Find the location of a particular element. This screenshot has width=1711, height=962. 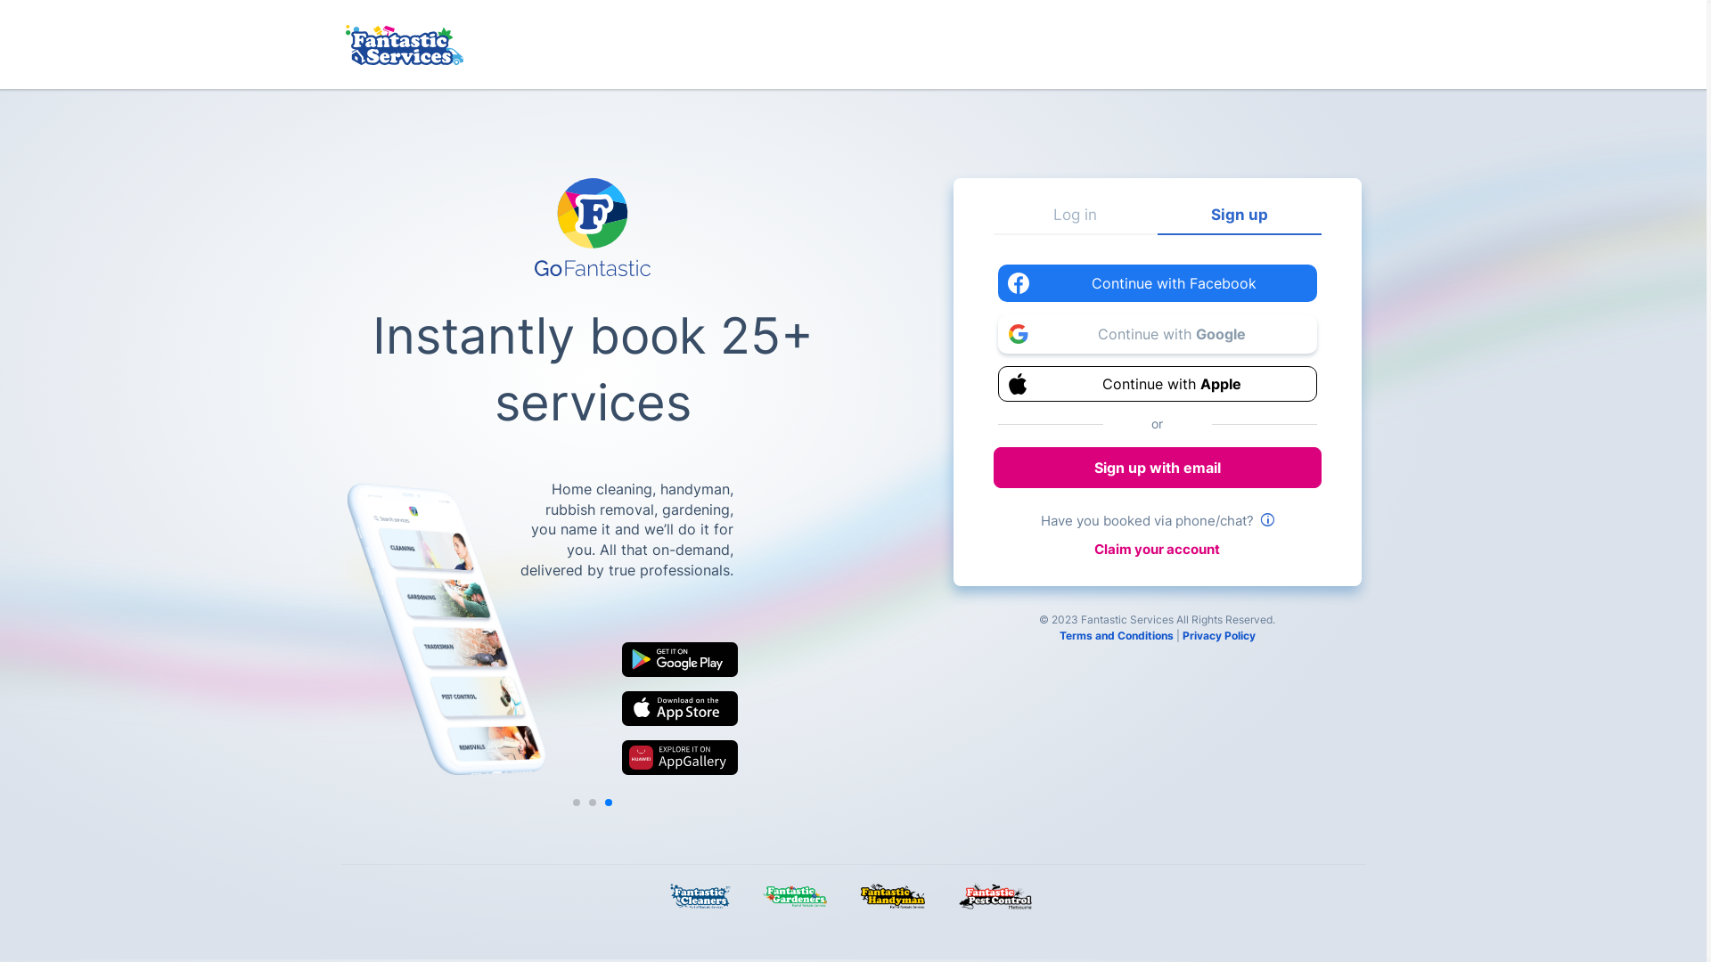

'Log in' is located at coordinates (1074, 219).